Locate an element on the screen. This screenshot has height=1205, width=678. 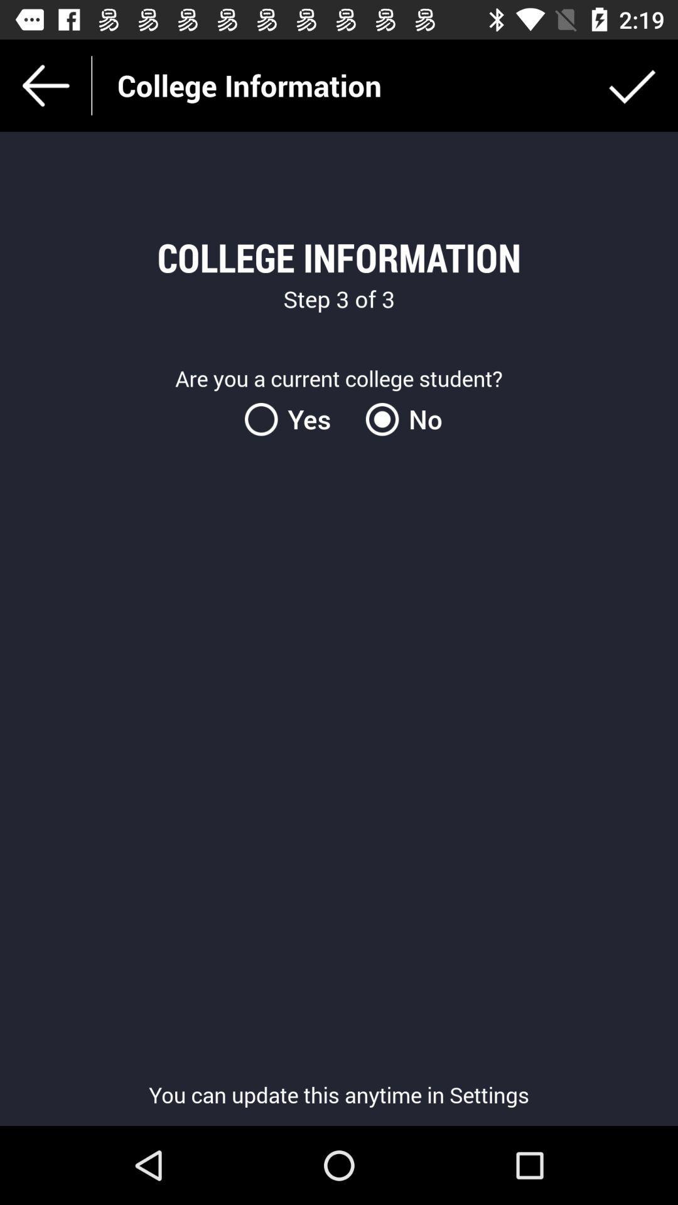
item above the you can update item is located at coordinates (295, 419).